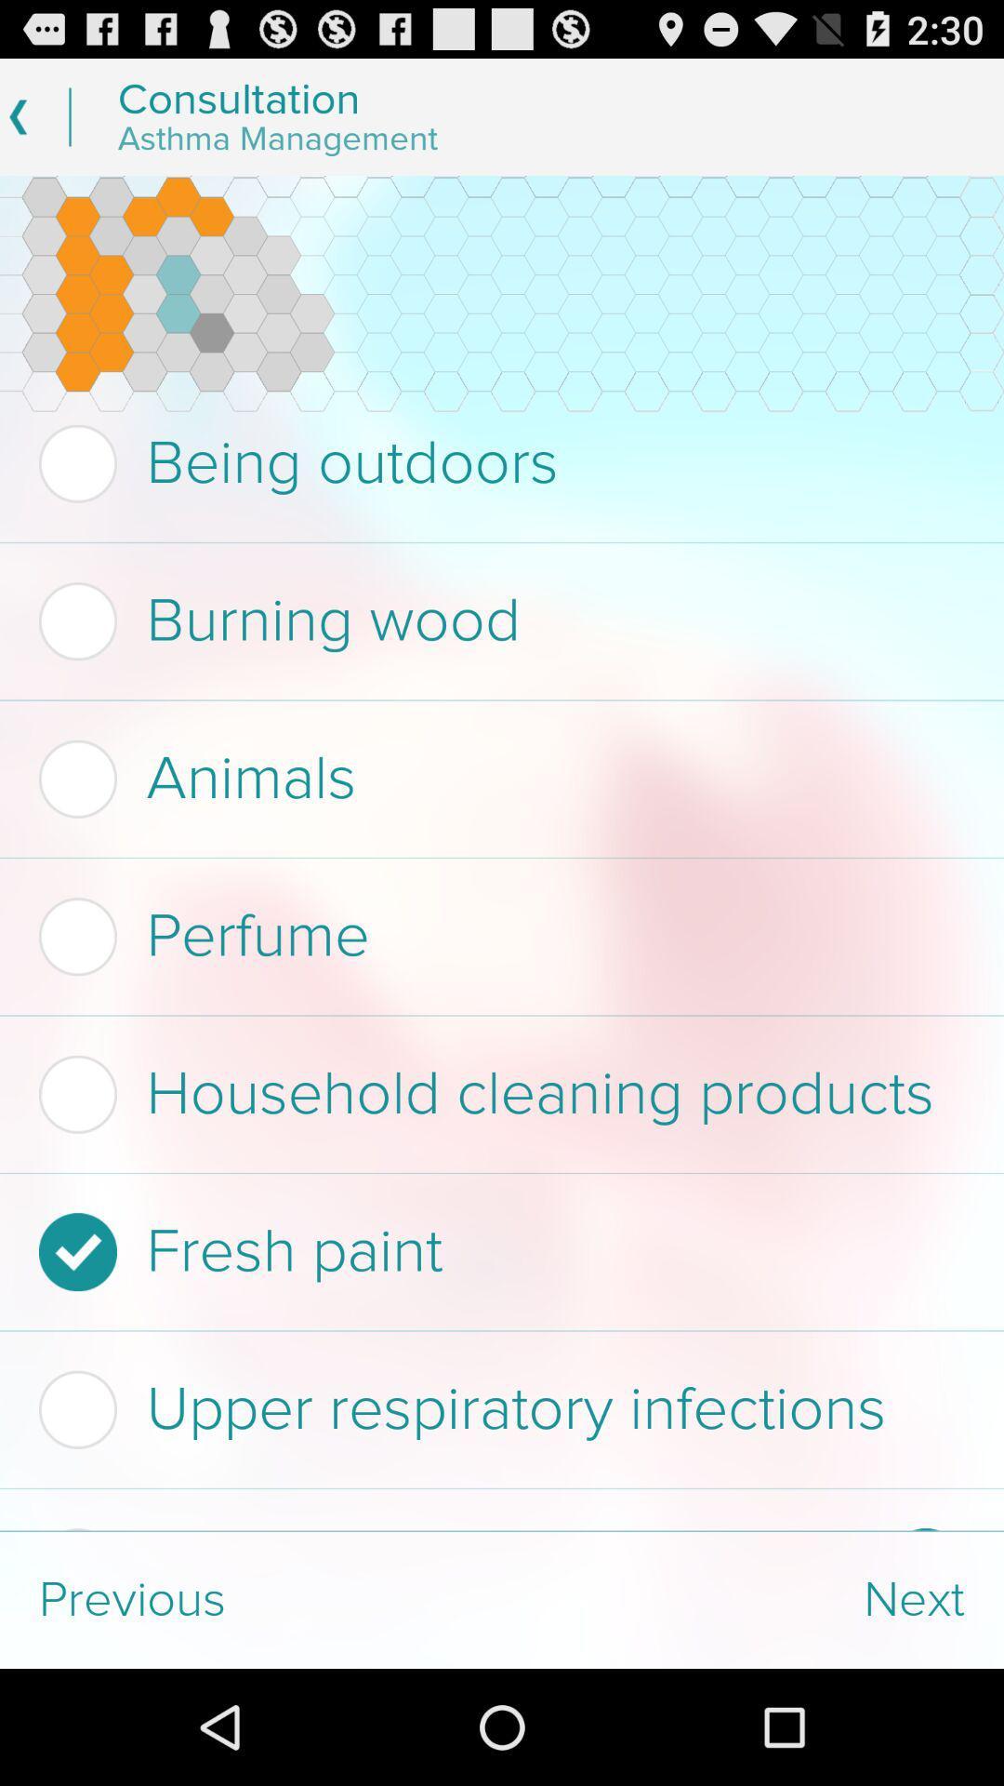 The image size is (1004, 1786). Describe the element at coordinates (495, 1409) in the screenshot. I see `item below fresh paint` at that location.